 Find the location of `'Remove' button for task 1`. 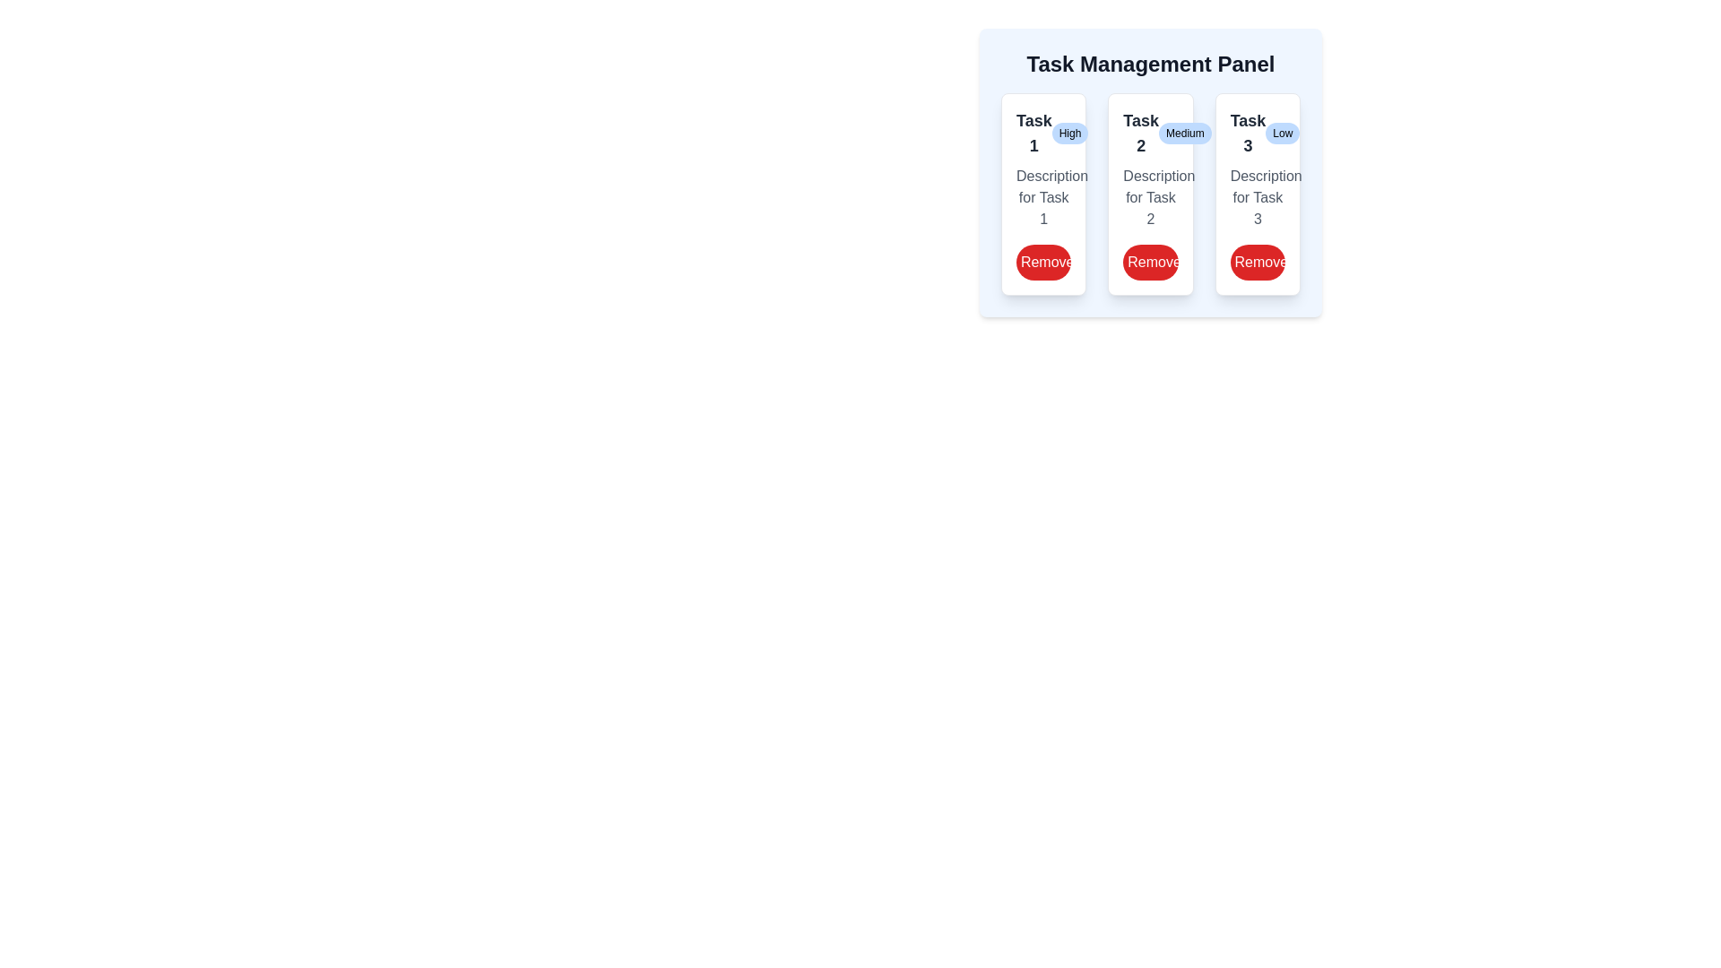

'Remove' button for task 1 is located at coordinates (1043, 263).